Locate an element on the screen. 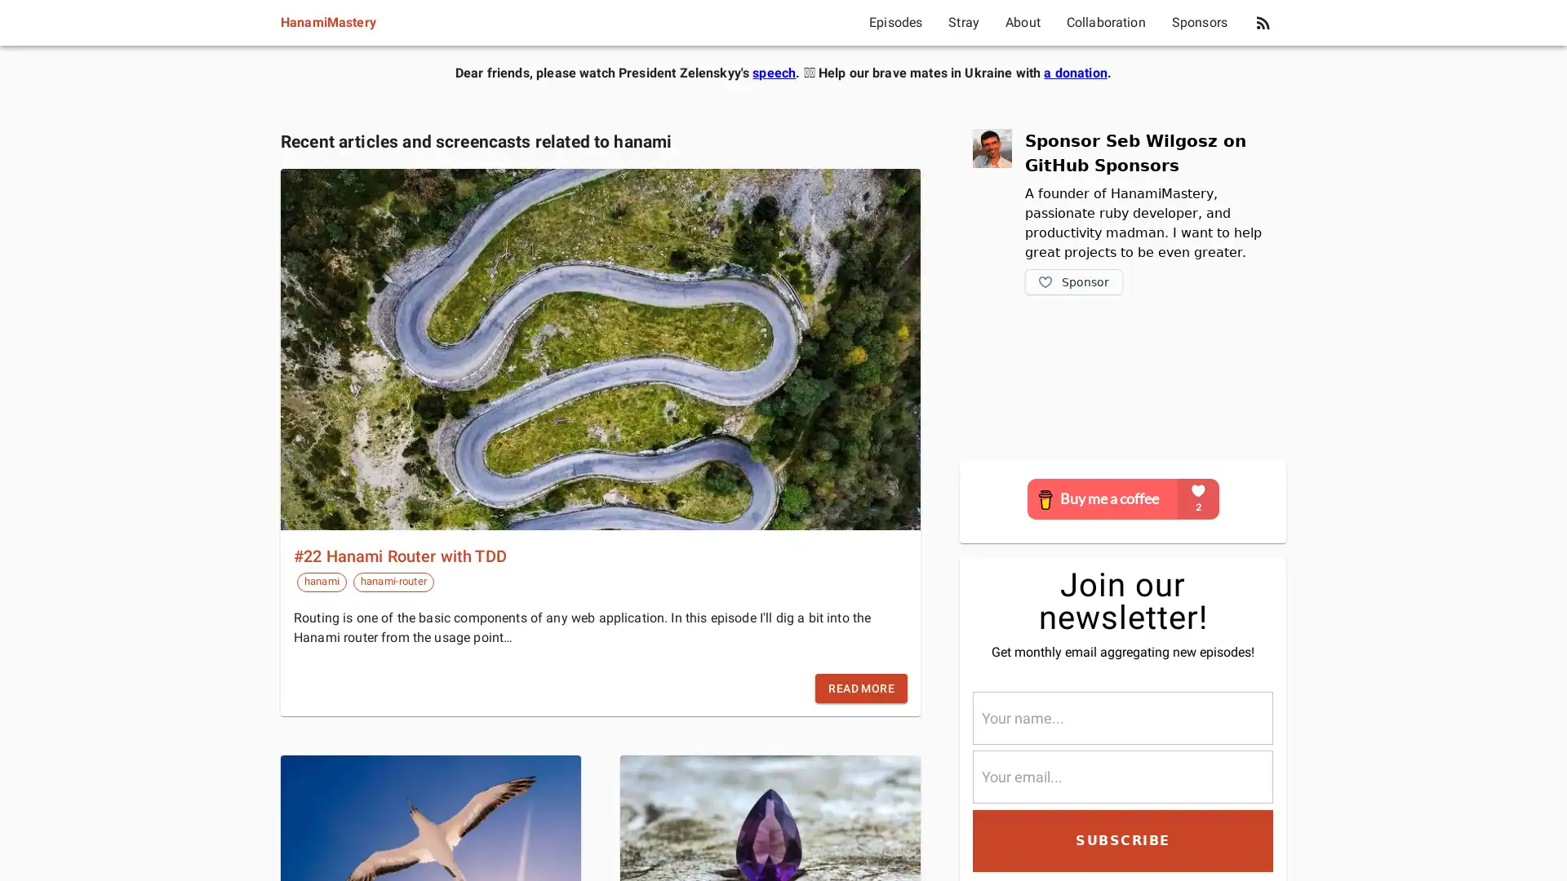  hanami-router is located at coordinates (393, 581).